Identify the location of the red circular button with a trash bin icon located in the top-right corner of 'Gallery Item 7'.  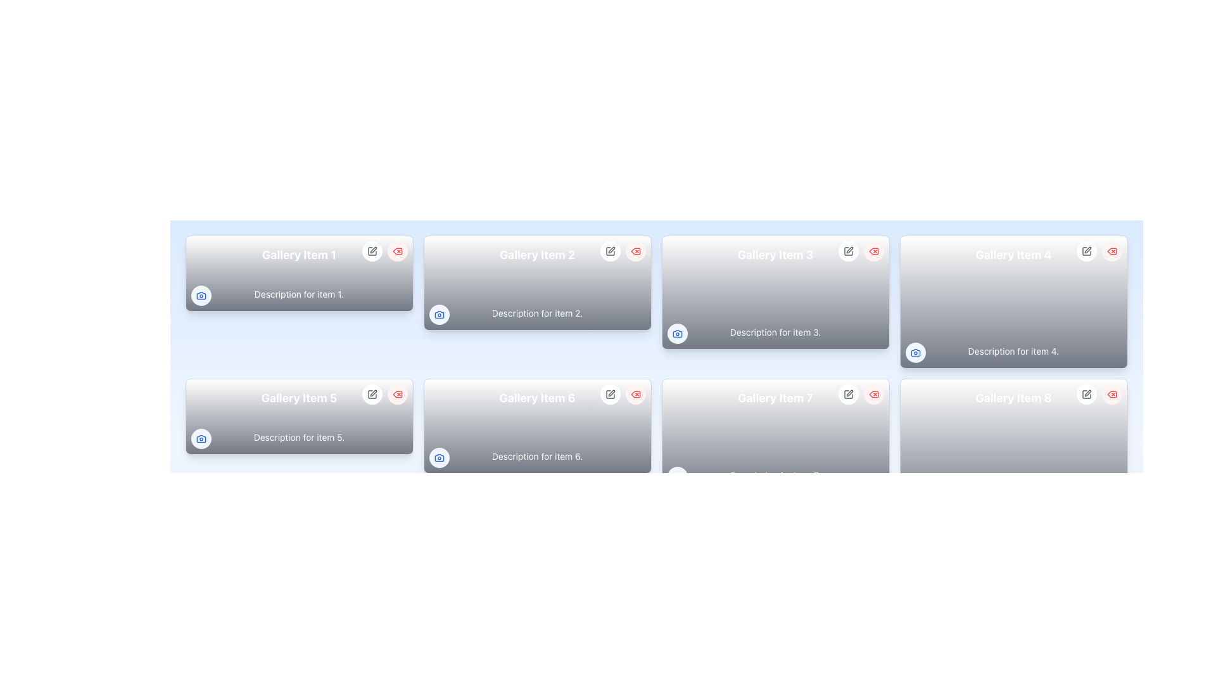
(873, 394).